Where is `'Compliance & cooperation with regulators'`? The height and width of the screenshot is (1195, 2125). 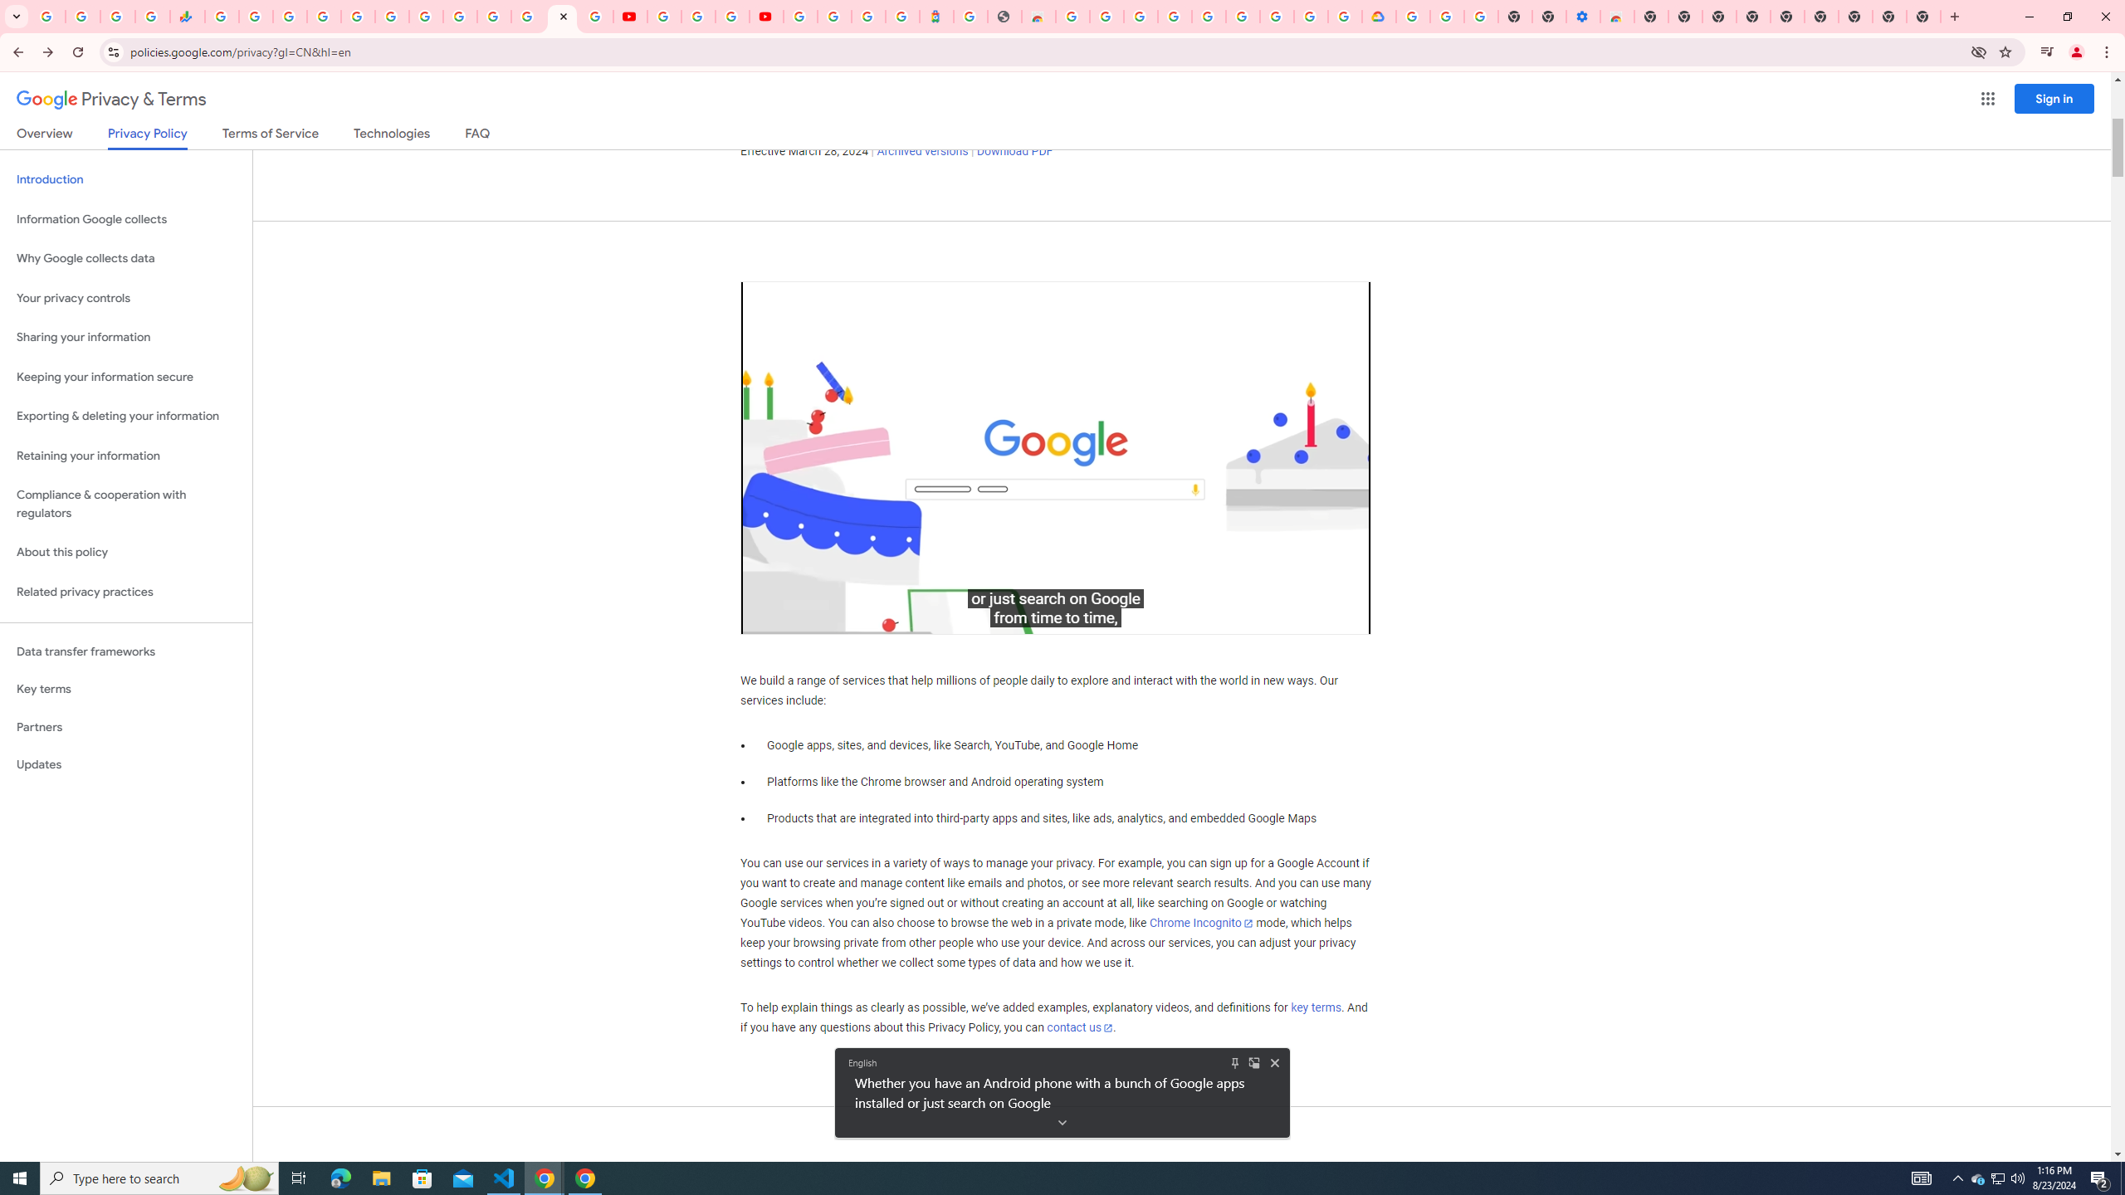 'Compliance & cooperation with regulators' is located at coordinates (125, 505).